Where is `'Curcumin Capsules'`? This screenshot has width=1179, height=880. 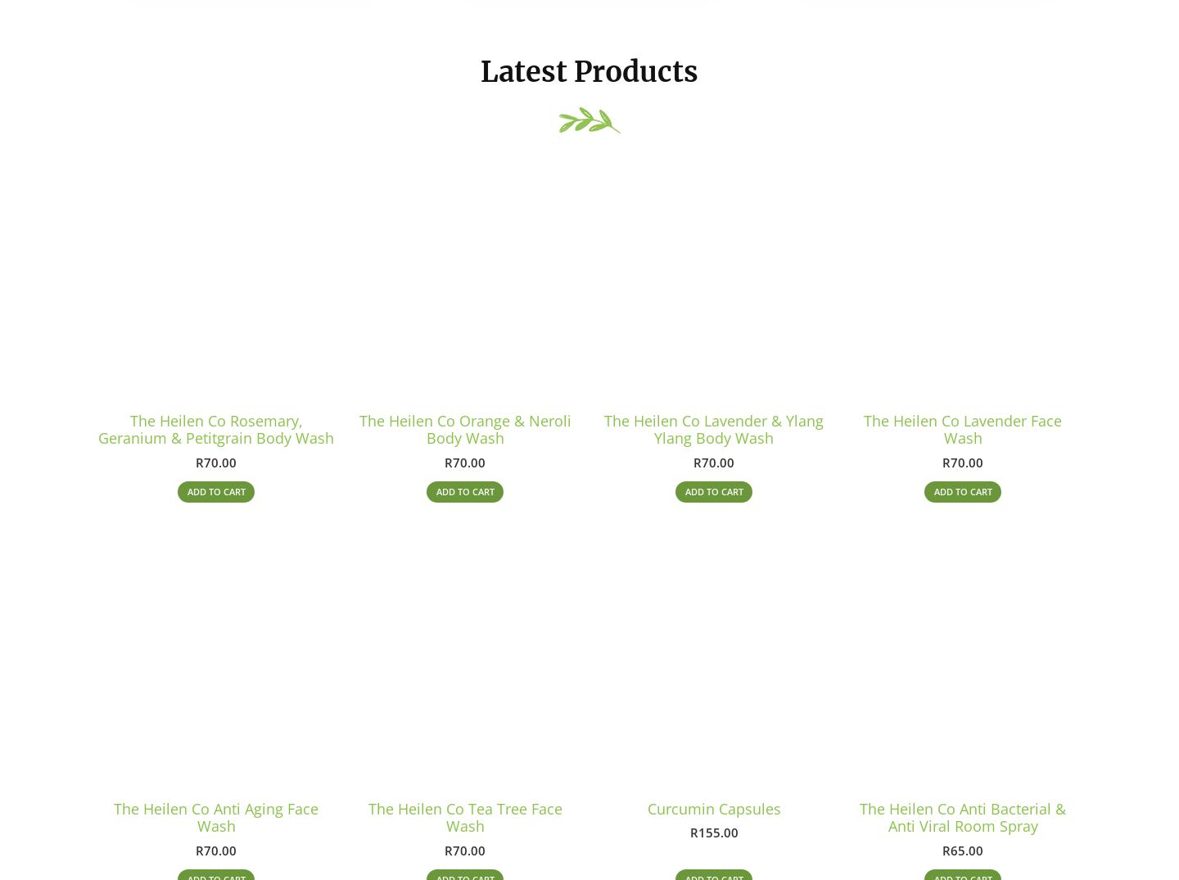 'Curcumin Capsules' is located at coordinates (712, 816).